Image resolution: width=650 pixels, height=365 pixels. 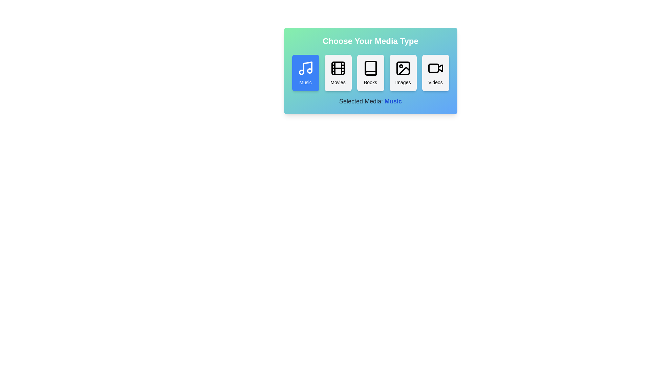 I want to click on the Movies button to observe hover effects, so click(x=338, y=73).